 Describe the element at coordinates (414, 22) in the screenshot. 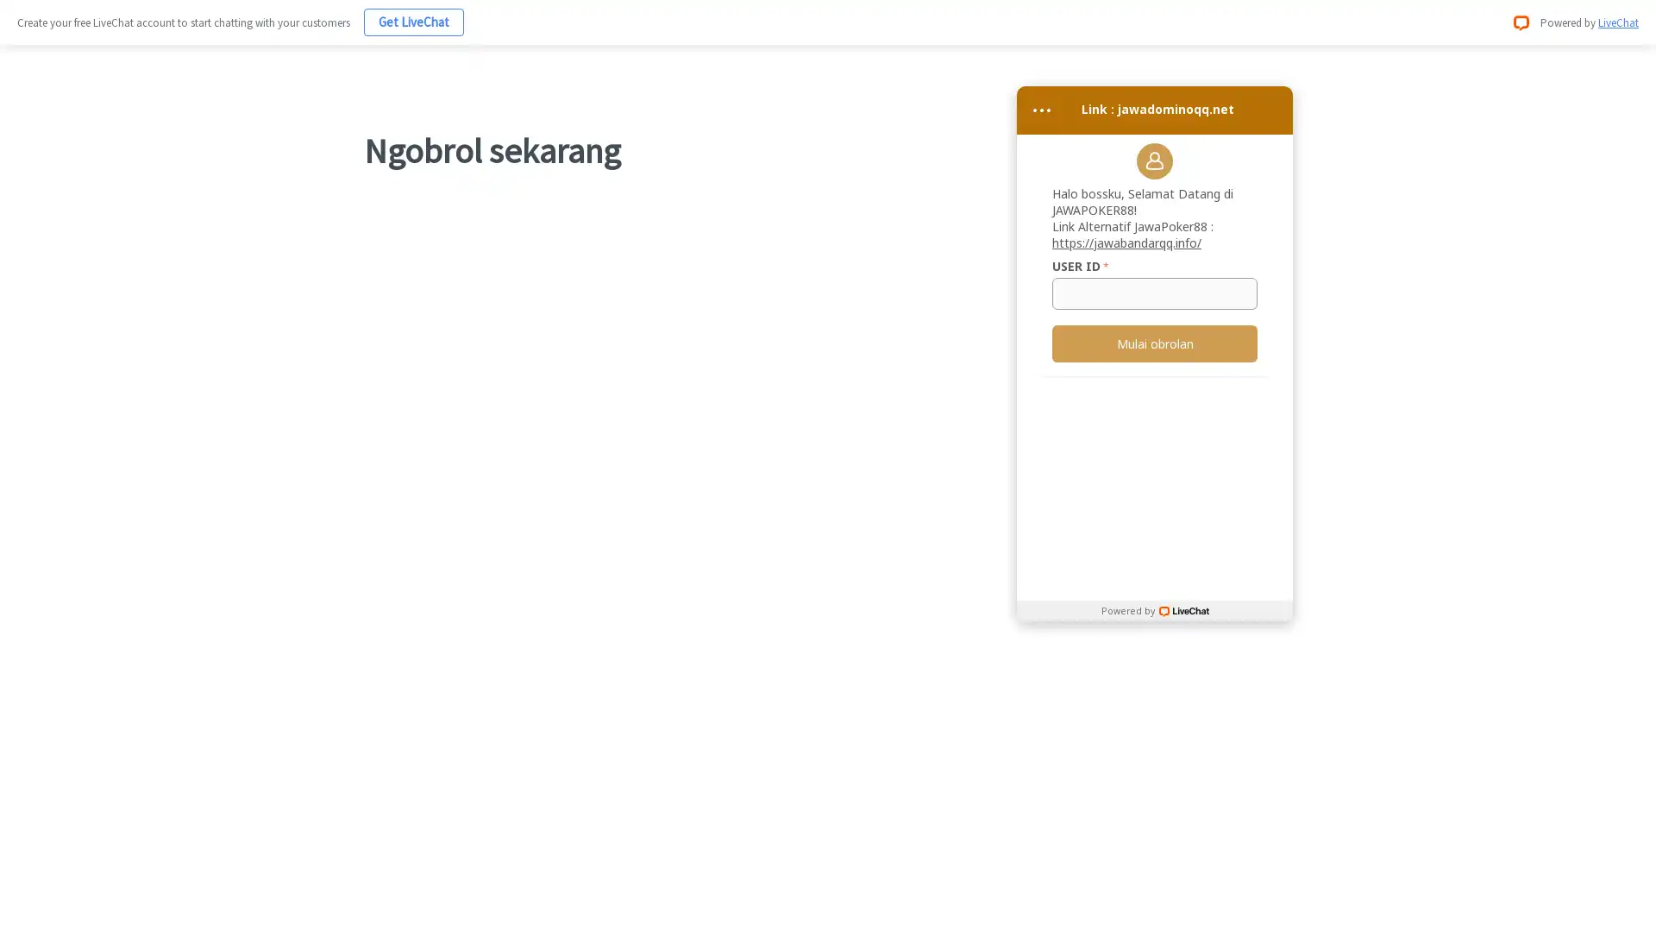

I see `Get LiveChat` at that location.